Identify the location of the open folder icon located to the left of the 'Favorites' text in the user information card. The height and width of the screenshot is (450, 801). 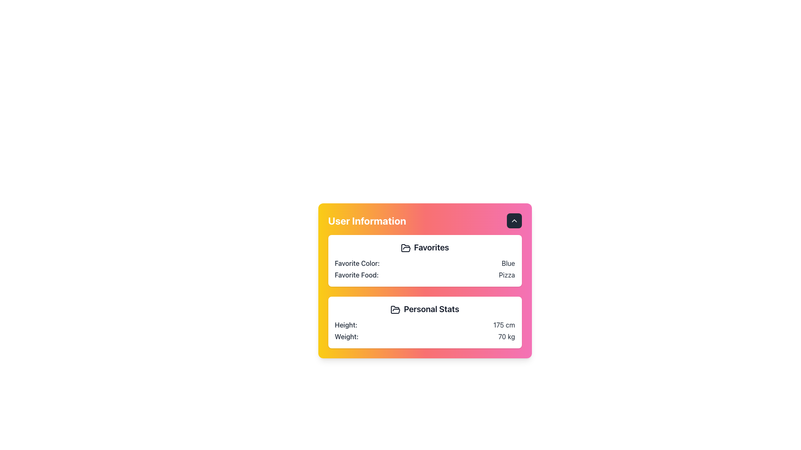
(406, 247).